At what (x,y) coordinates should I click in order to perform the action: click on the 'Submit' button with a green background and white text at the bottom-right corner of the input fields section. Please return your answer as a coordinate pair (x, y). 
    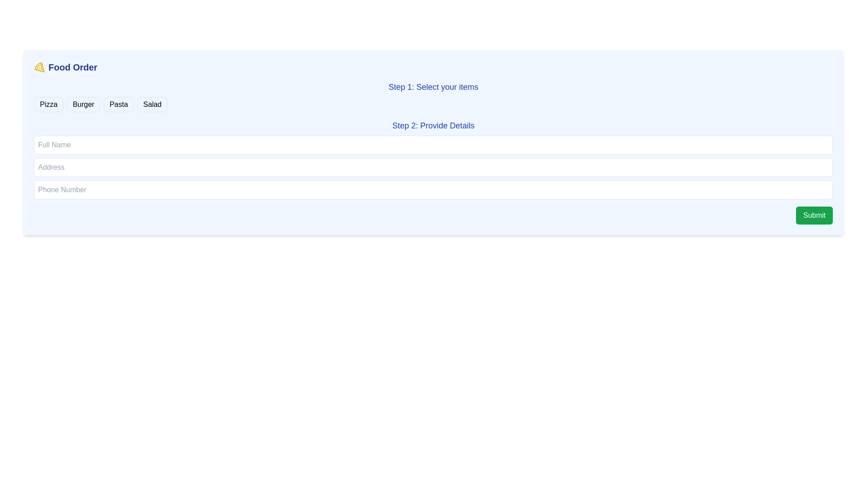
    Looking at the image, I should click on (814, 215).